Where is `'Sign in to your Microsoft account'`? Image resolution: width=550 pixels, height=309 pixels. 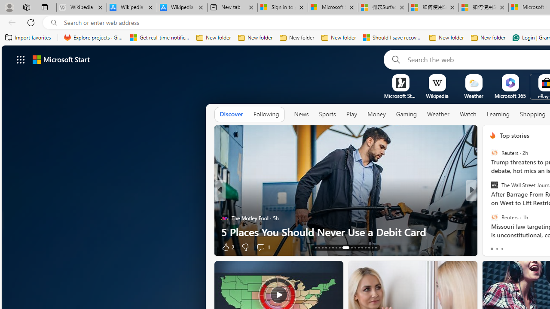
'Sign in to your Microsoft account' is located at coordinates (282, 7).